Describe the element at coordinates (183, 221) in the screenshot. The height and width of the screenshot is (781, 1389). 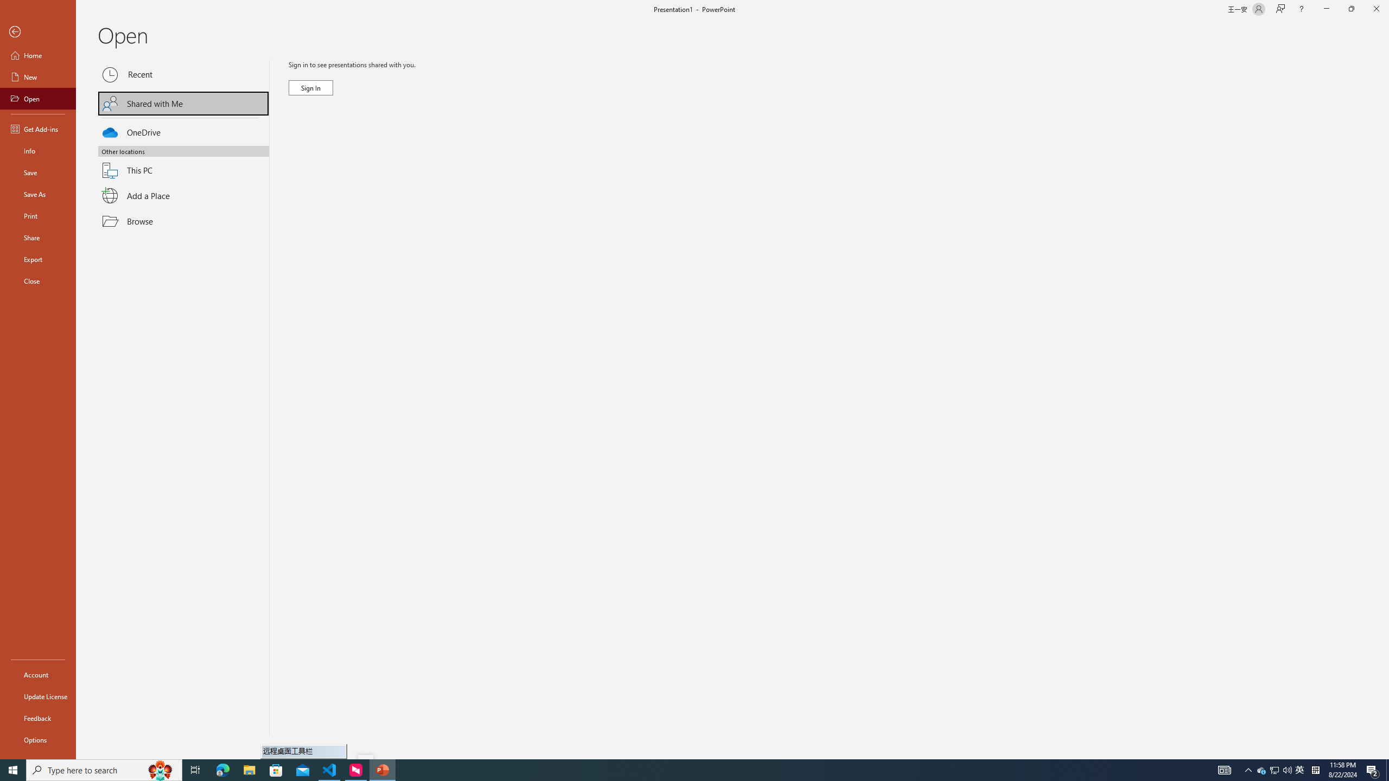
I see `'Browse'` at that location.